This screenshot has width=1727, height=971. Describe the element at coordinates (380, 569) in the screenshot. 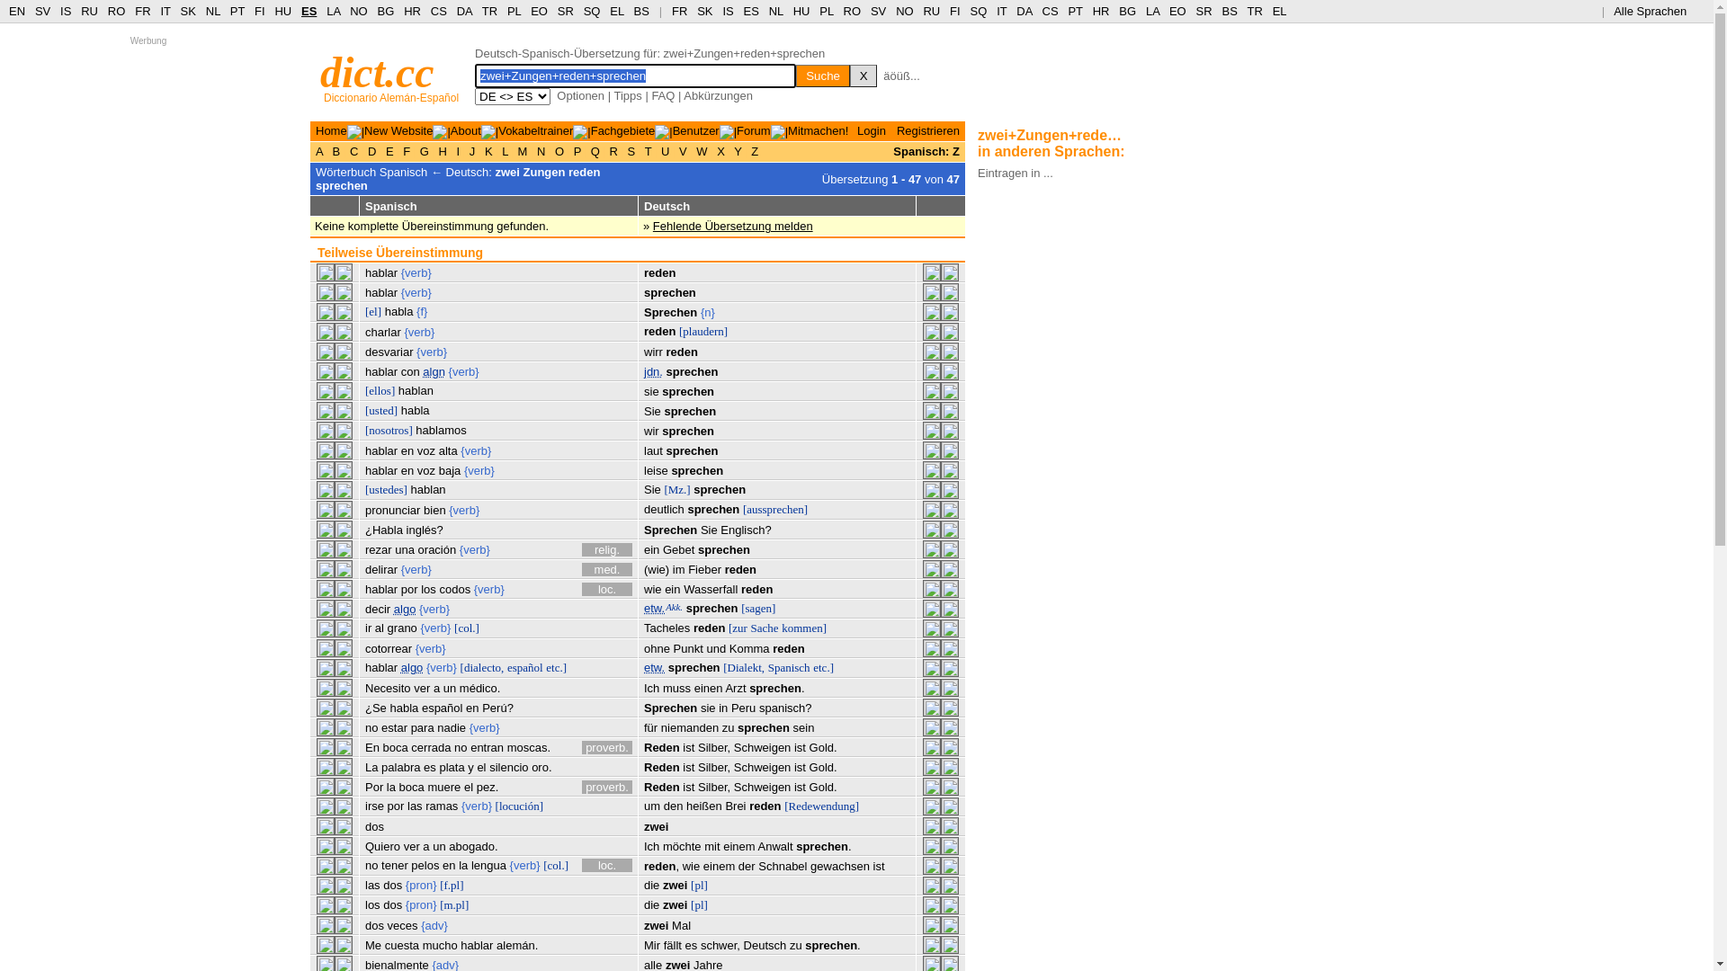

I see `'delirar'` at that location.